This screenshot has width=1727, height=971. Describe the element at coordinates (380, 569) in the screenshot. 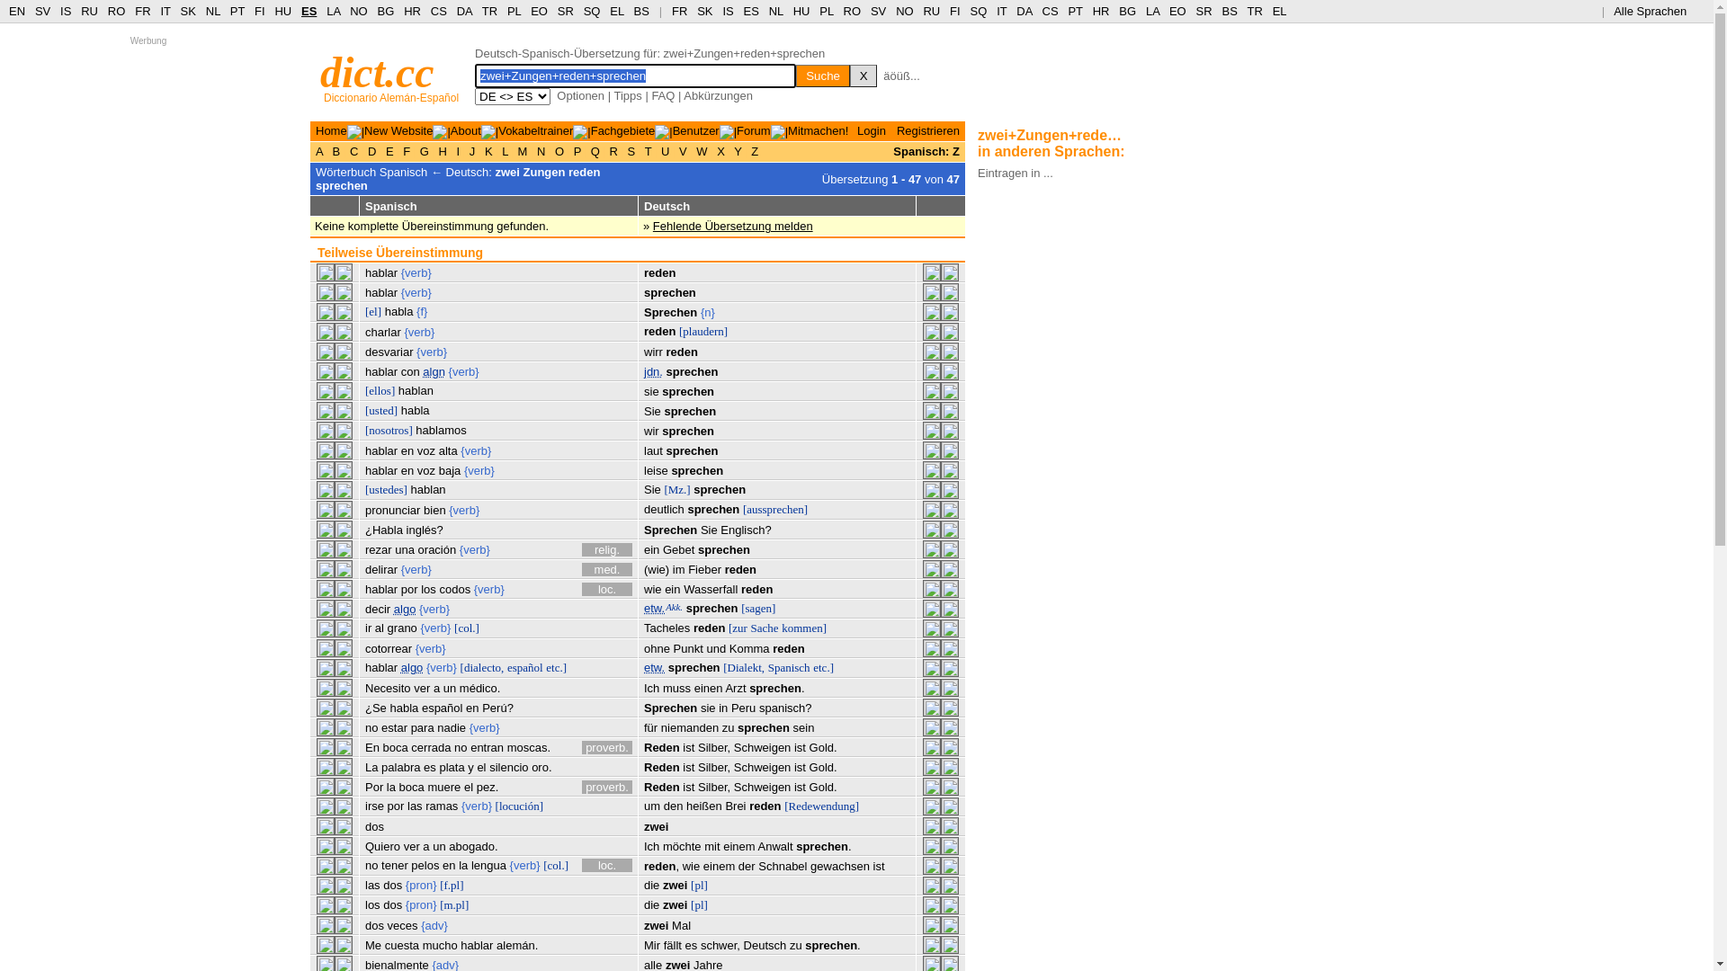

I see `'delirar'` at that location.